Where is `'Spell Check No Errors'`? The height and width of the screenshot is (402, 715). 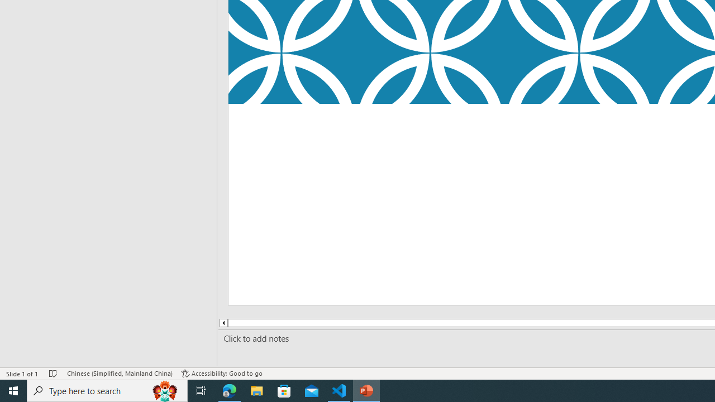
'Spell Check No Errors' is located at coordinates (53, 374).